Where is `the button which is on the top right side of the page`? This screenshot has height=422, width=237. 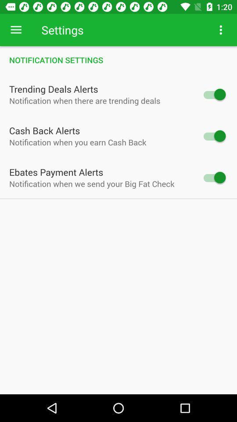
the button which is on the top right side of the page is located at coordinates (220, 30).